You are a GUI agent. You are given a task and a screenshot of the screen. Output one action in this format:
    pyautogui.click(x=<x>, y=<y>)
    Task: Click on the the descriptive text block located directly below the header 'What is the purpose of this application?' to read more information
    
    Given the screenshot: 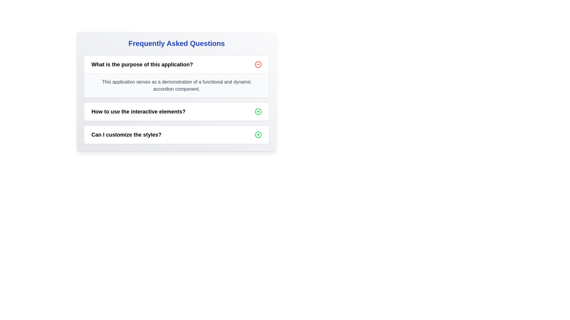 What is the action you would take?
    pyautogui.click(x=176, y=85)
    